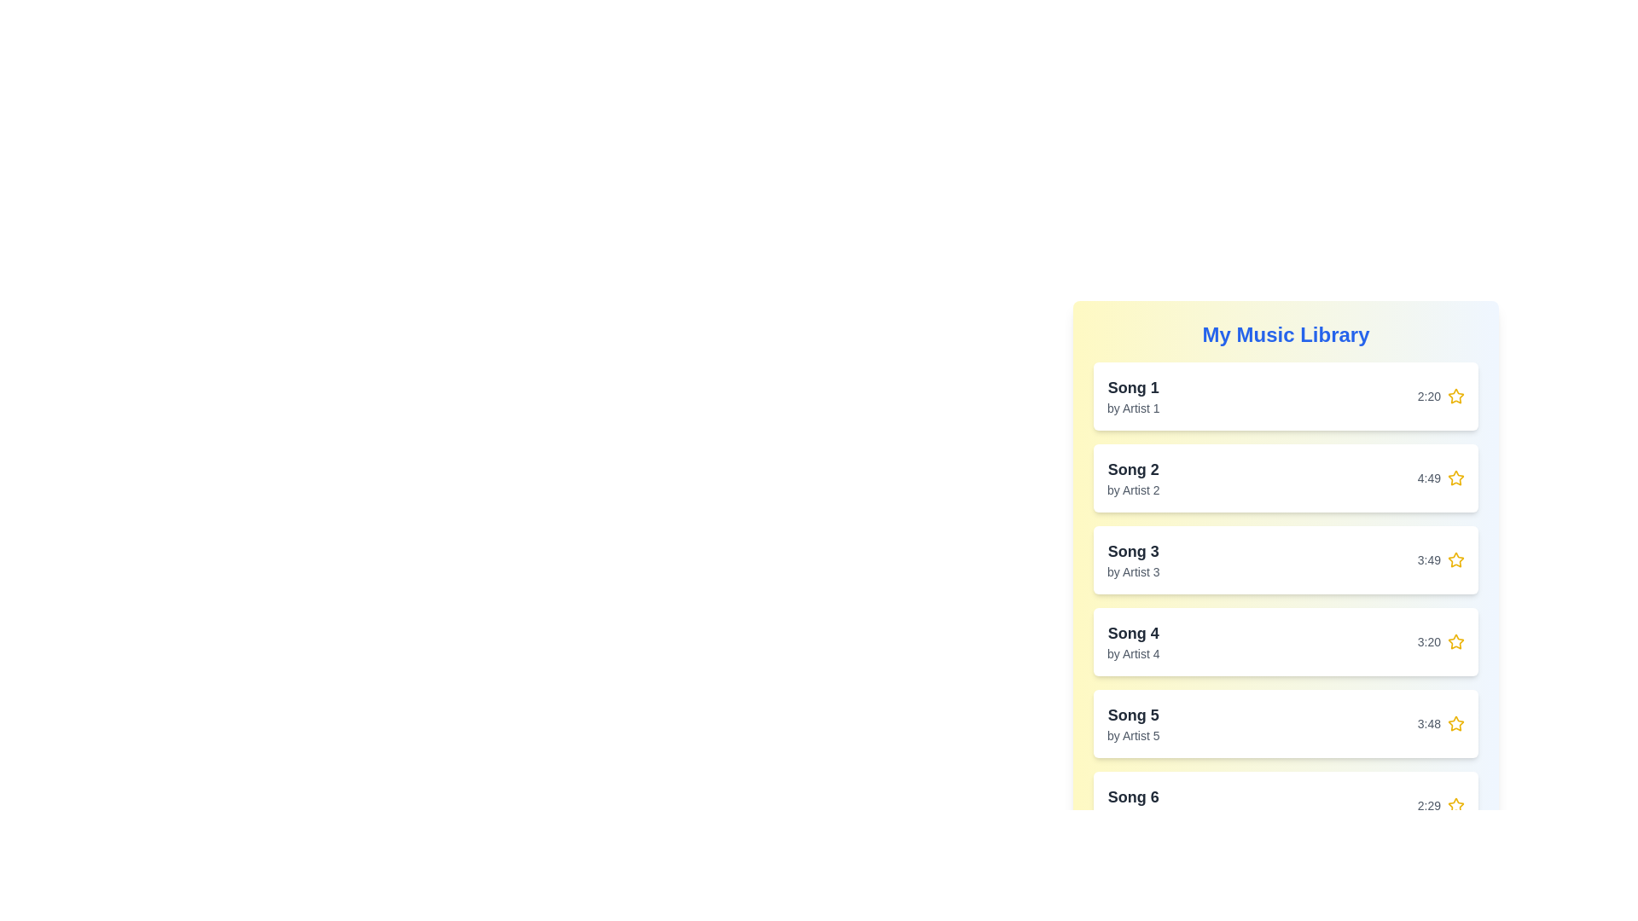  Describe the element at coordinates (1133, 653) in the screenshot. I see `text content of the artist label located directly below 'Song 4' in the 'My Music Library' list` at that location.